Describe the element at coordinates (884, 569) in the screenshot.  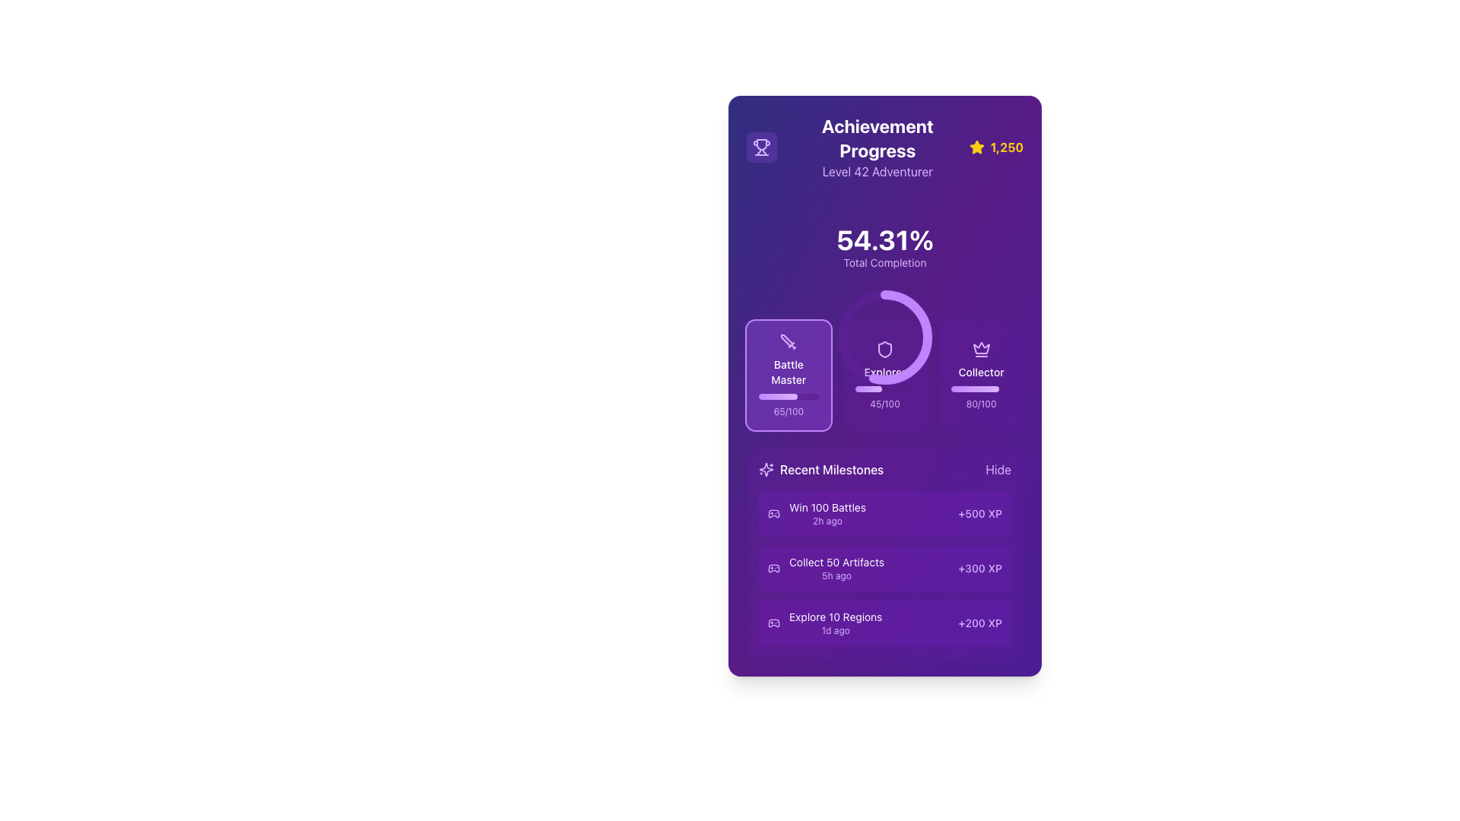
I see `the informational block indicating the achievement of collecting 50 artifacts, which is located in the second row of the 'Recent Milestones' section` at that location.